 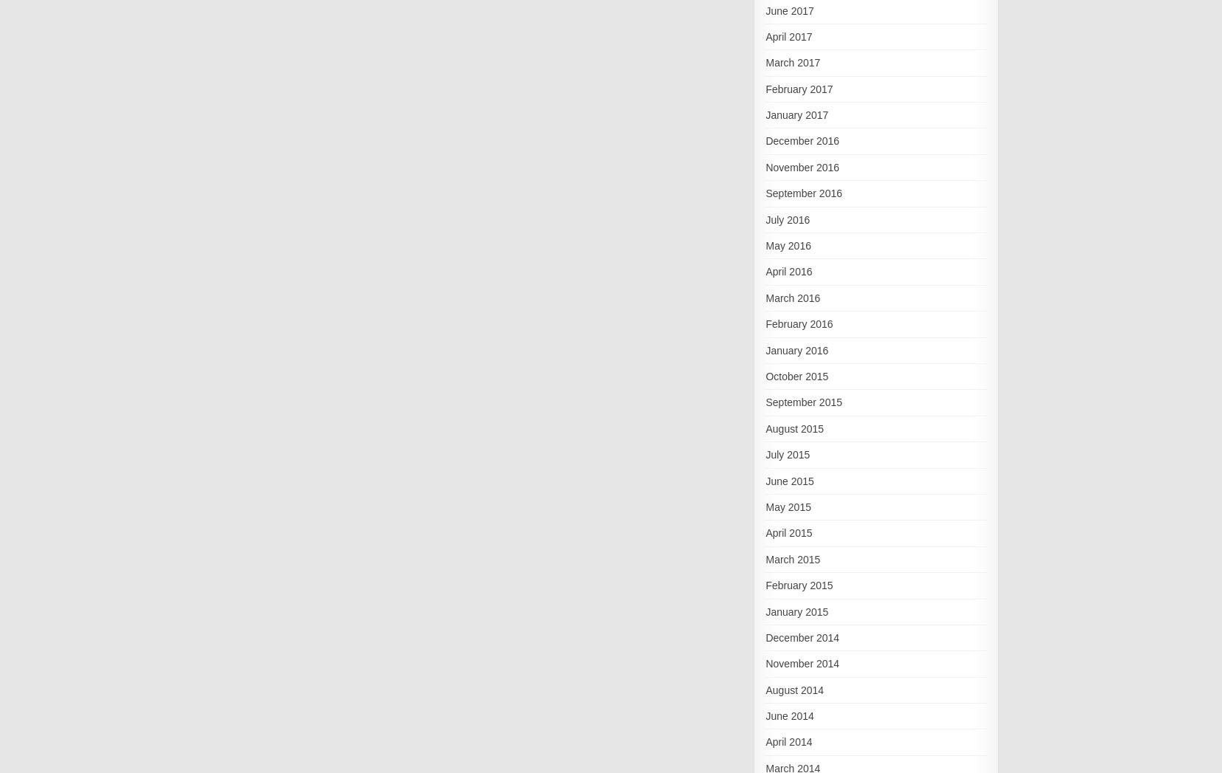 I want to click on 'January 2016', so click(x=796, y=349).